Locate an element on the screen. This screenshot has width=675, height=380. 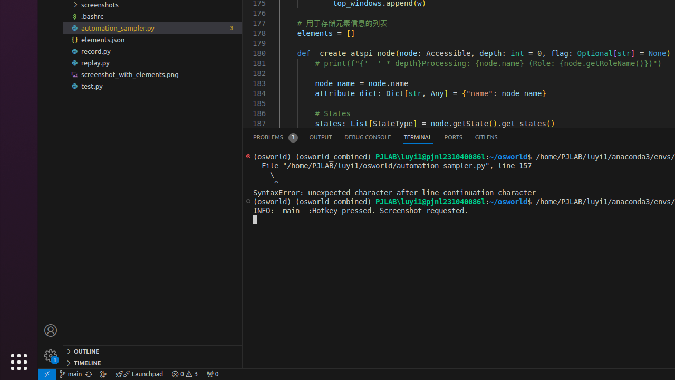
'Terminal (Ctrl+`)' is located at coordinates (417, 137).